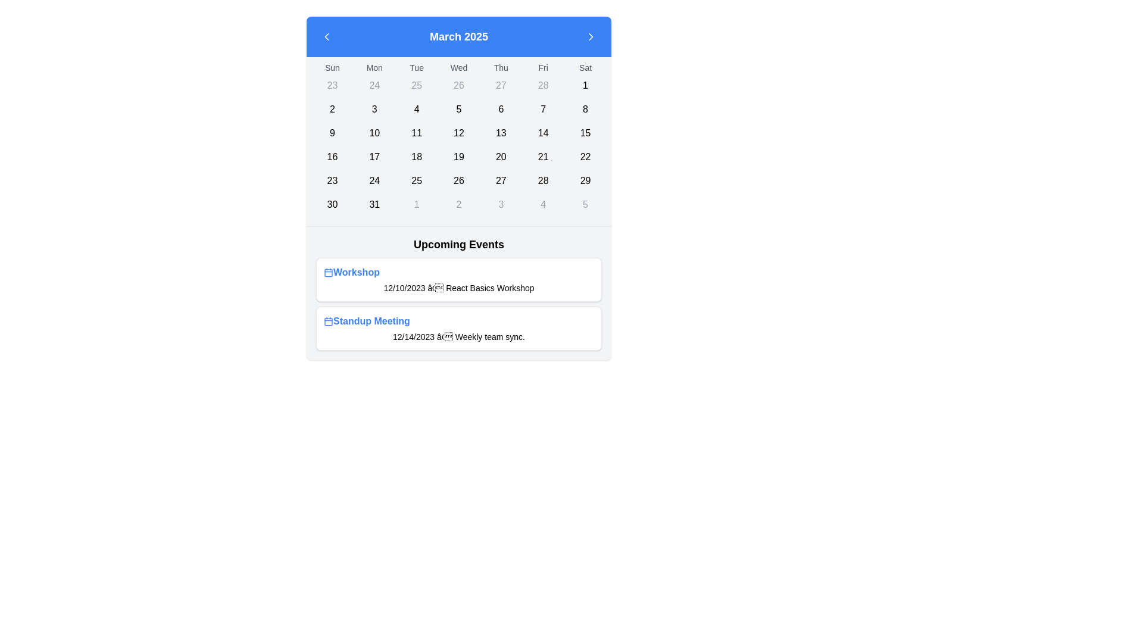 The image size is (1143, 643). Describe the element at coordinates (374, 204) in the screenshot. I see `the rectangular button displaying '31' in bold black text` at that location.